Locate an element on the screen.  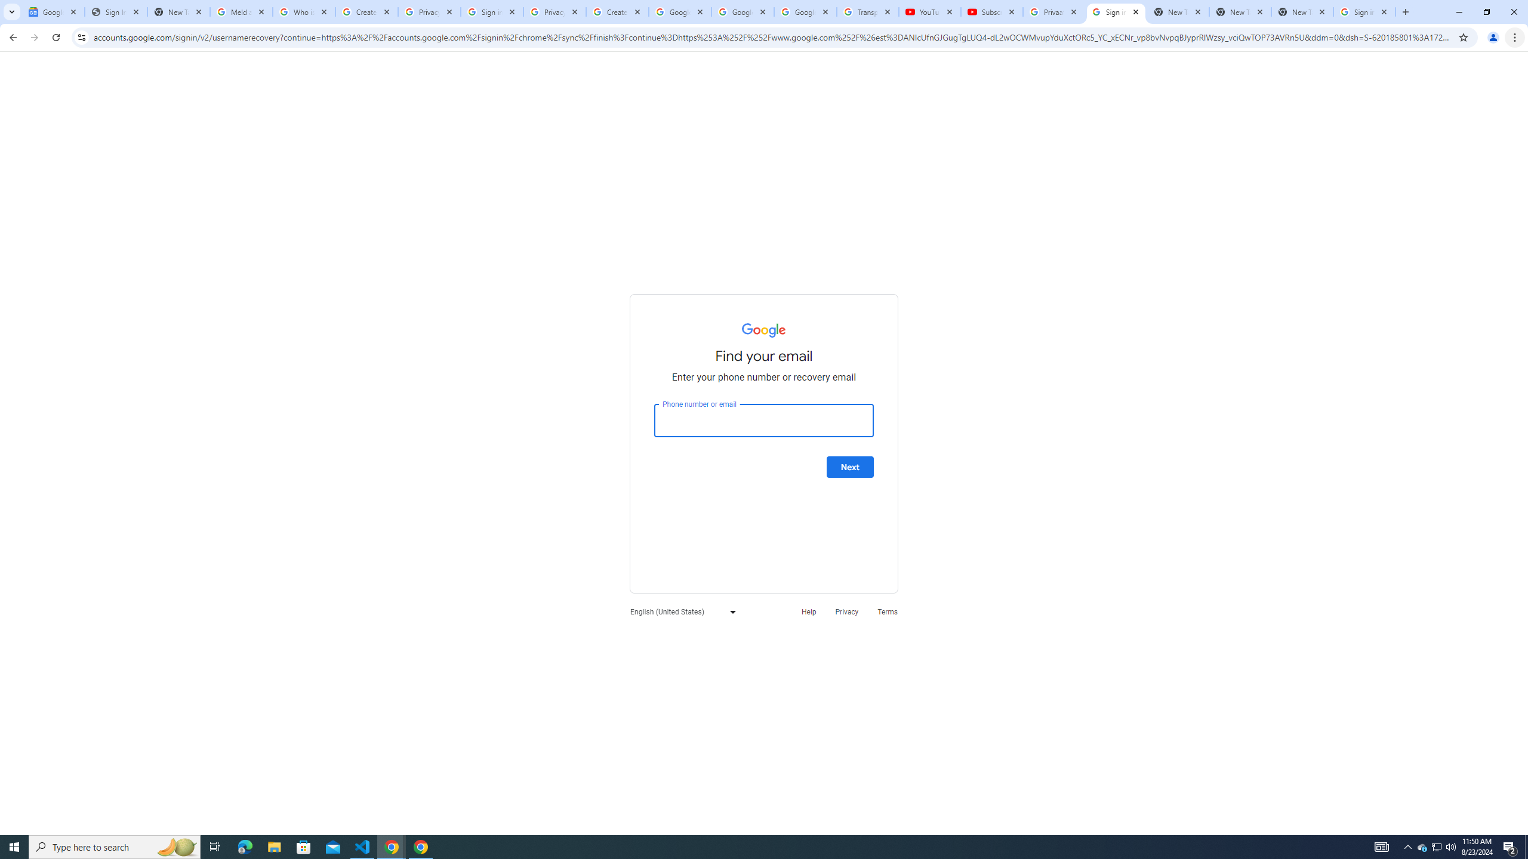
'View site information' is located at coordinates (81, 36).